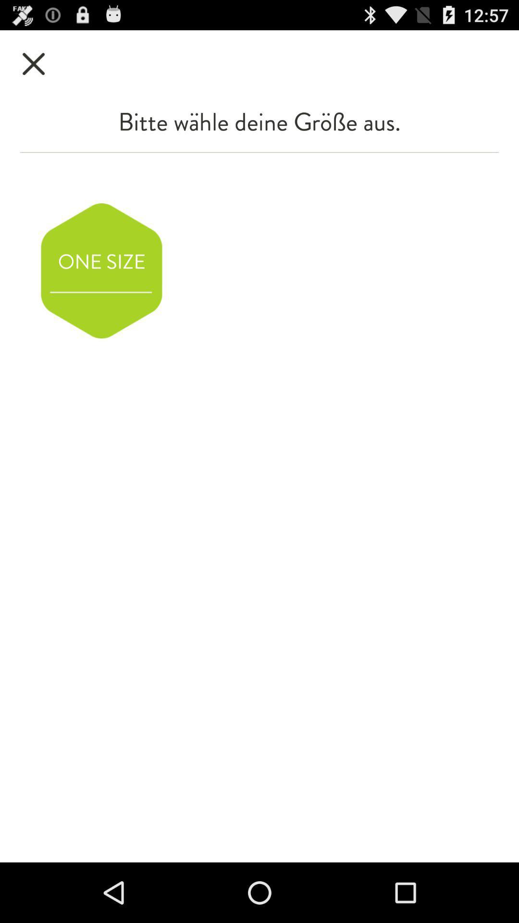  What do you see at coordinates (33, 68) in the screenshot?
I see `the close icon` at bounding box center [33, 68].